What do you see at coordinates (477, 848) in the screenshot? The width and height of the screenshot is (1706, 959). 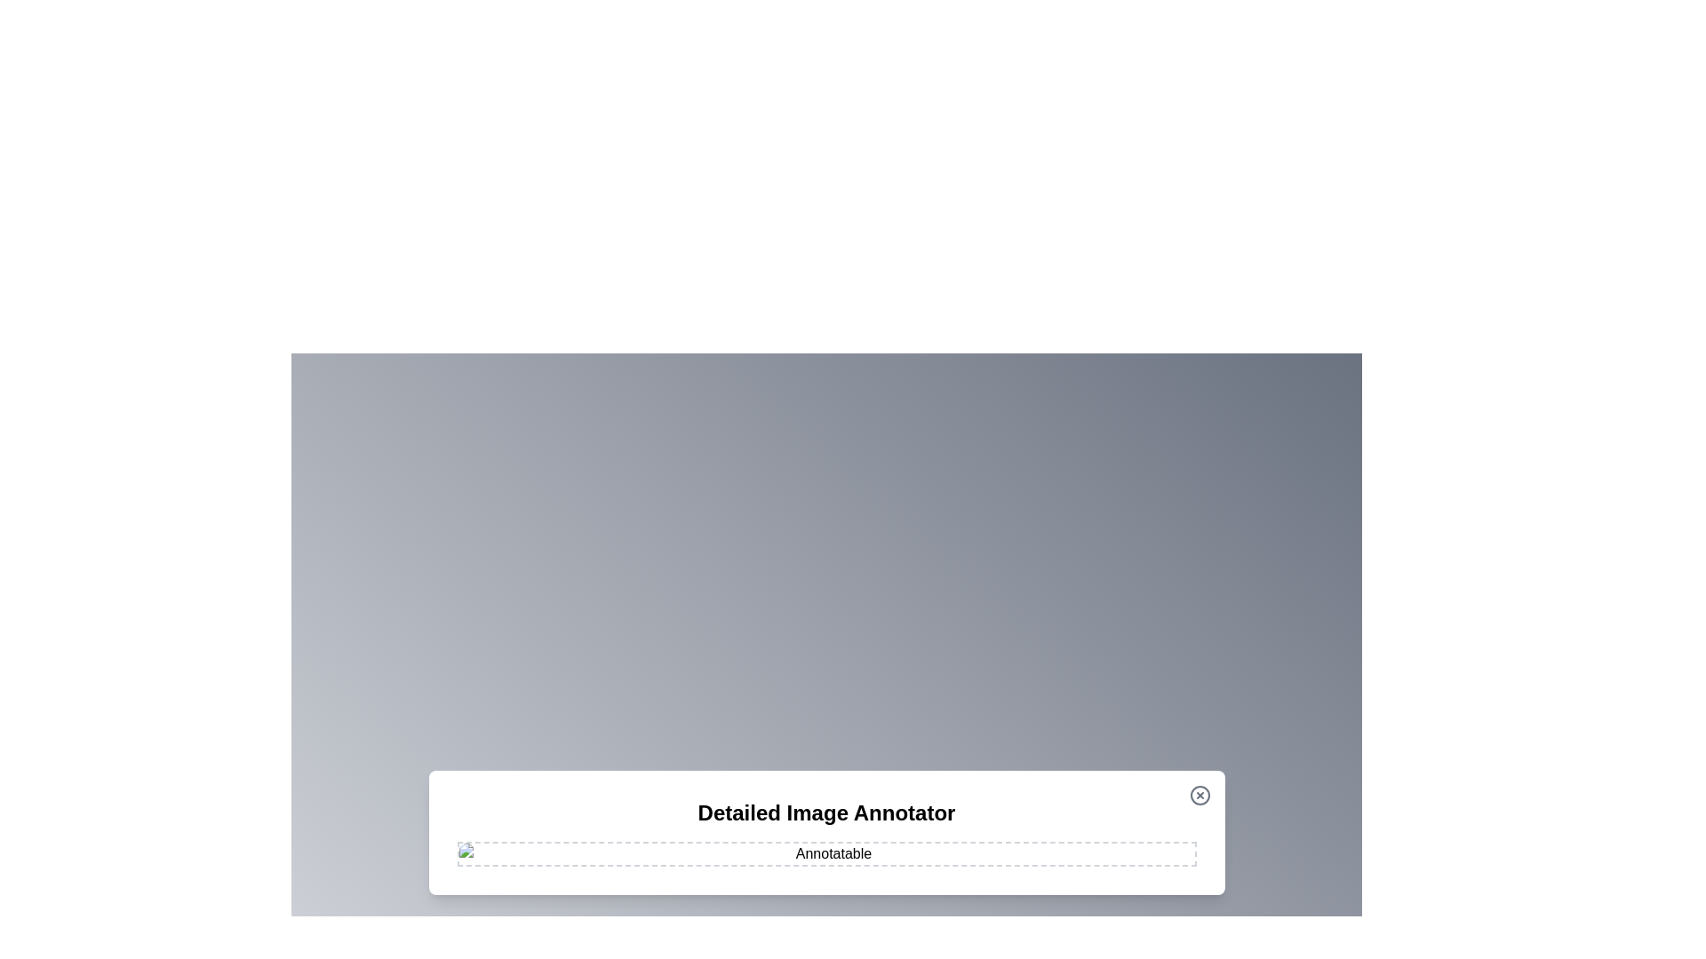 I see `the image at coordinates (537, 957) to add an annotation` at bounding box center [477, 848].